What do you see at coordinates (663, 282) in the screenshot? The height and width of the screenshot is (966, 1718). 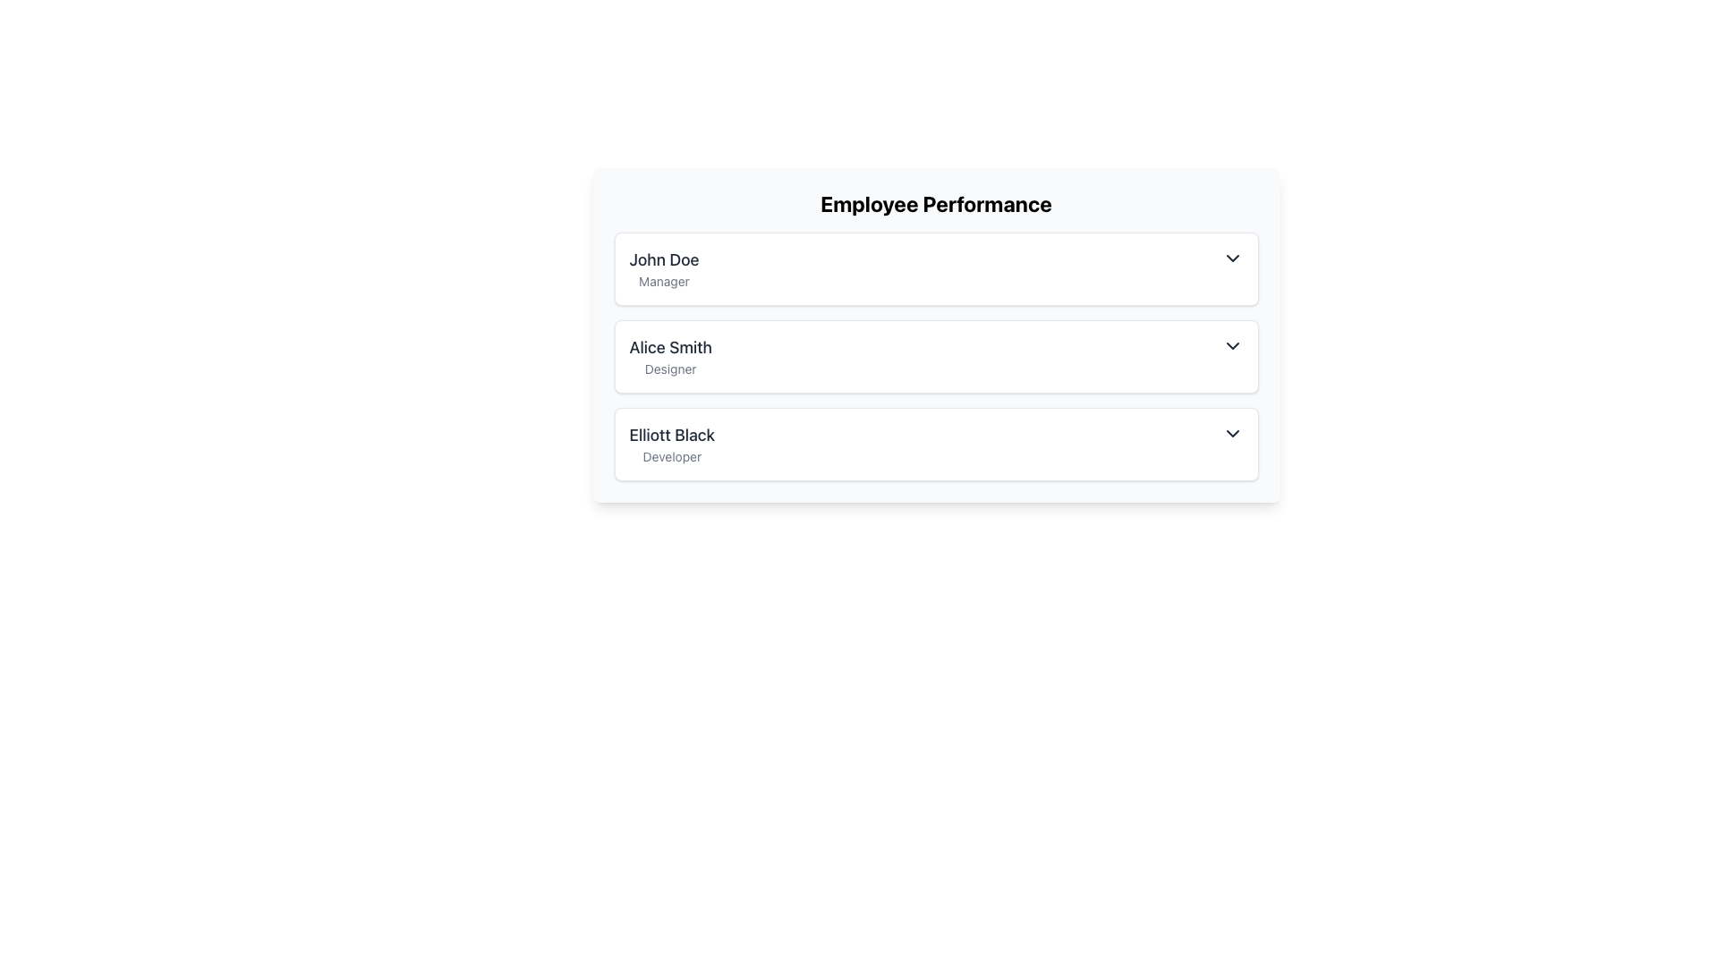 I see `information displayed in the text label that shows the word 'Manager' in gray color, positioned below the larger name text 'John Doe'` at bounding box center [663, 282].